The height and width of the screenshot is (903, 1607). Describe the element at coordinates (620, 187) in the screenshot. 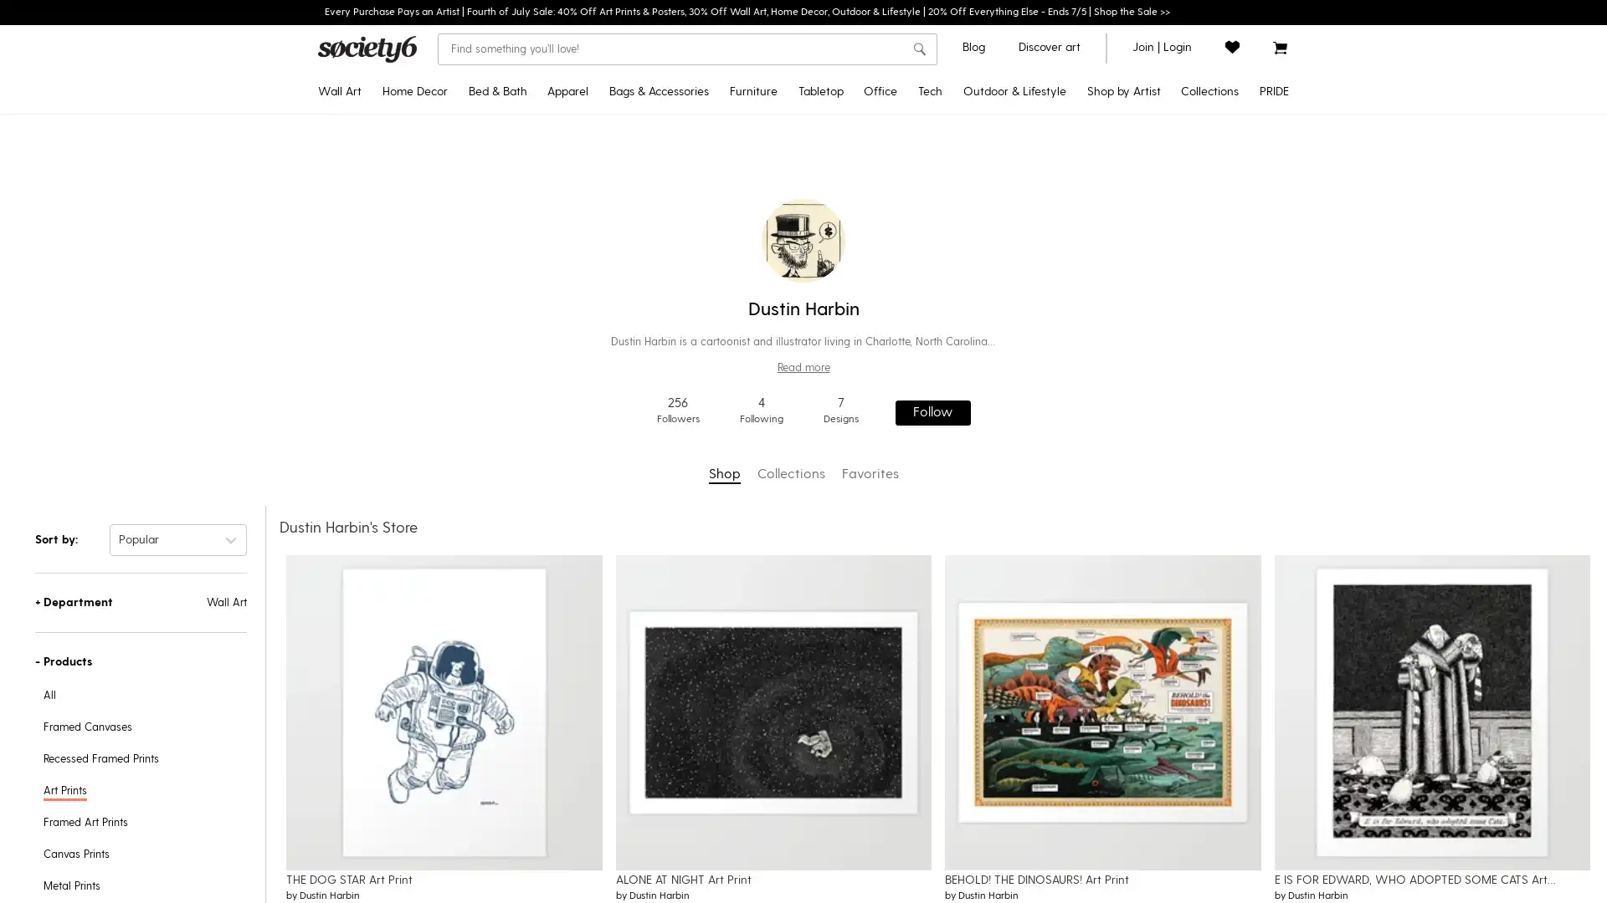

I see `Hoodies` at that location.